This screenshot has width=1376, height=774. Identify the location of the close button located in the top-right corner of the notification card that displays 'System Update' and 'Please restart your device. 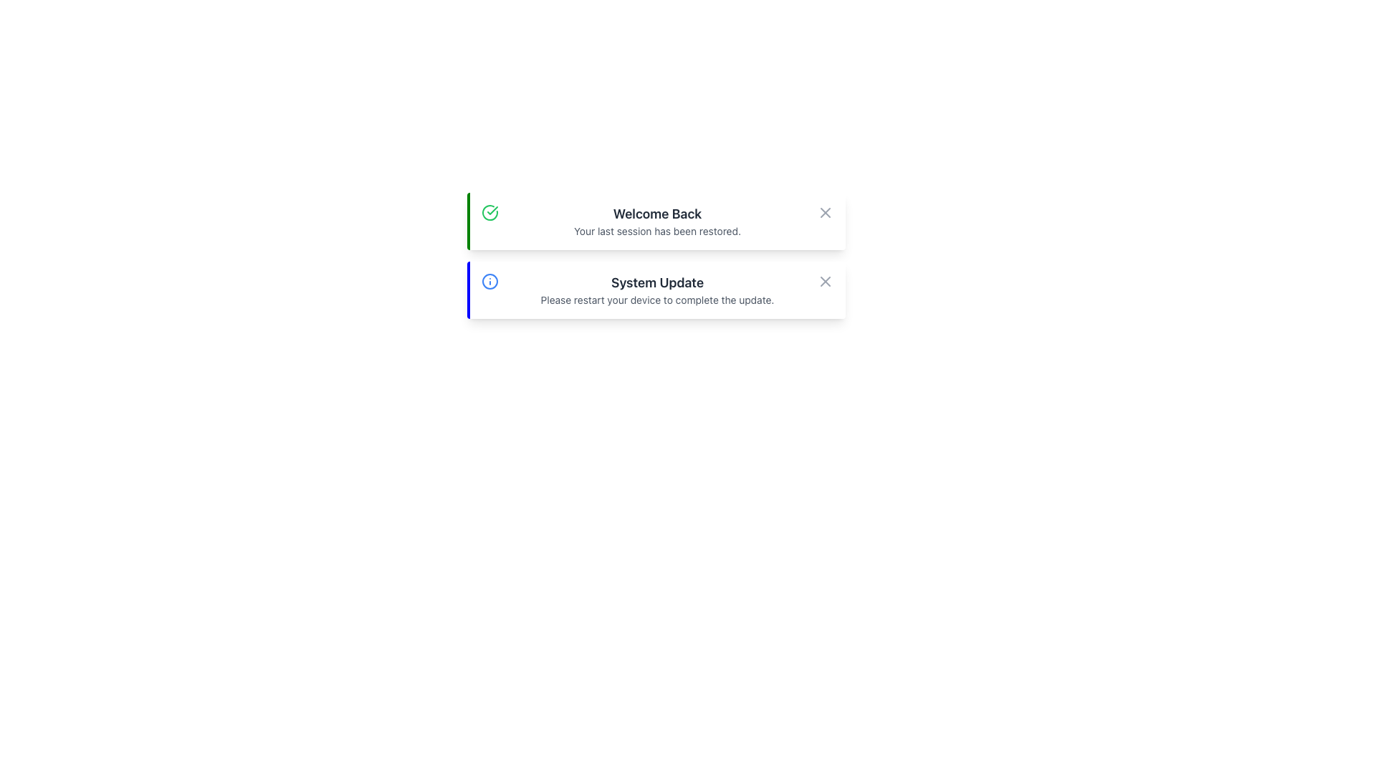
(825, 282).